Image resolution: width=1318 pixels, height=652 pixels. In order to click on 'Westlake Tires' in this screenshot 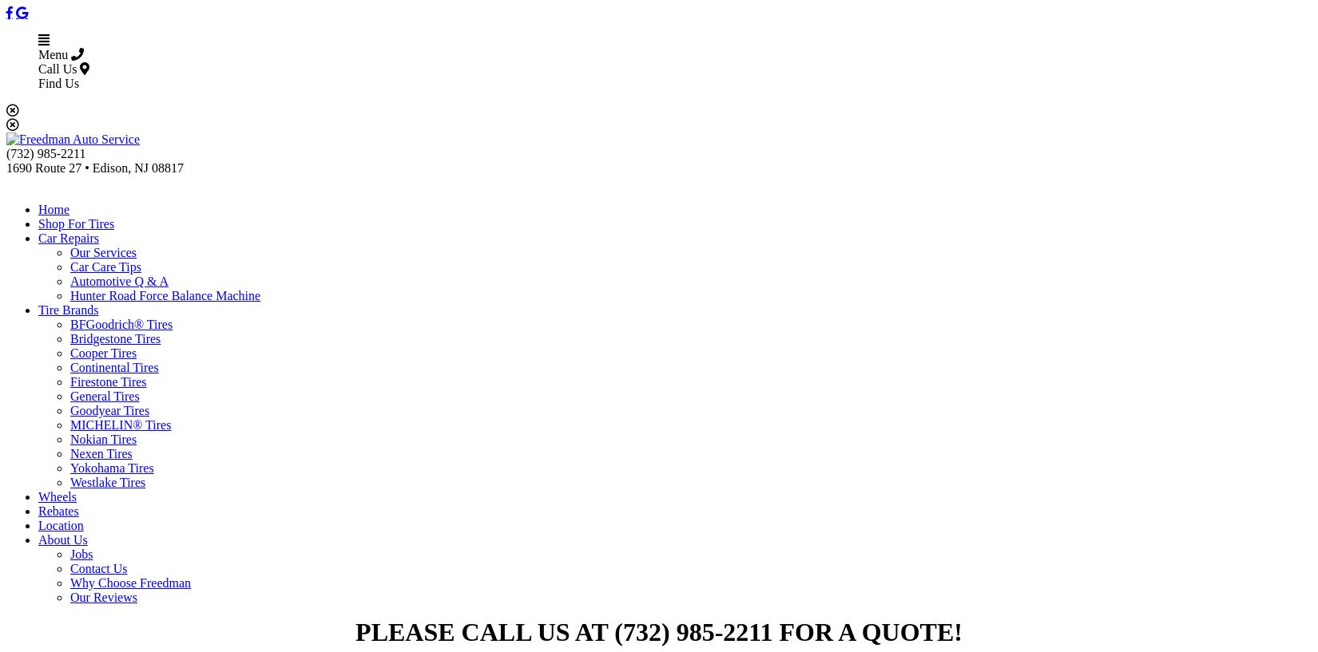, I will do `click(107, 482)`.